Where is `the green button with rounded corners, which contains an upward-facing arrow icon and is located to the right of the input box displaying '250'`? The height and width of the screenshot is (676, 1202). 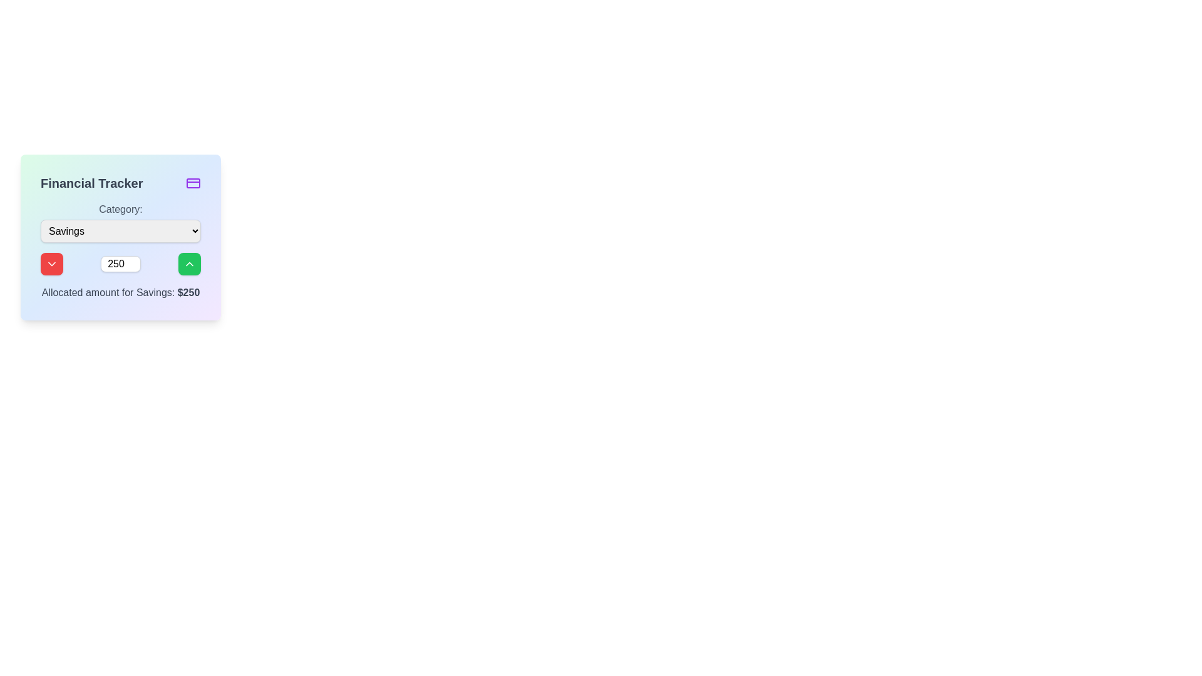
the green button with rounded corners, which contains an upward-facing arrow icon and is located to the right of the input box displaying '250' is located at coordinates (188, 263).